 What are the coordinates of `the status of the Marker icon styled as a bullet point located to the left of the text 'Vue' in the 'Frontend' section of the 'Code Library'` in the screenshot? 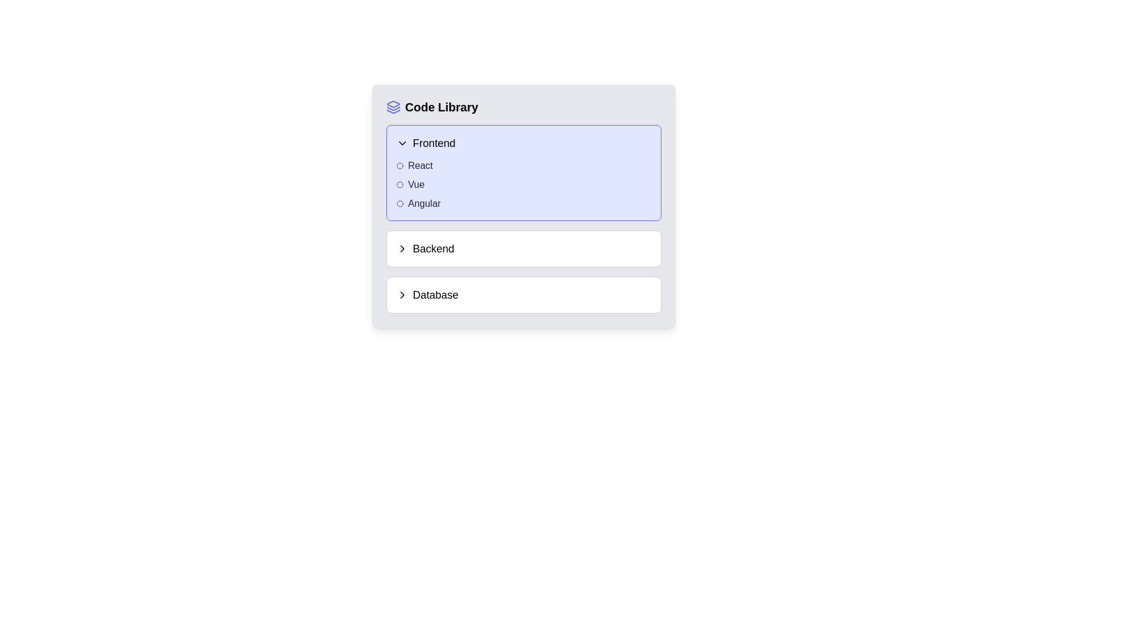 It's located at (399, 185).